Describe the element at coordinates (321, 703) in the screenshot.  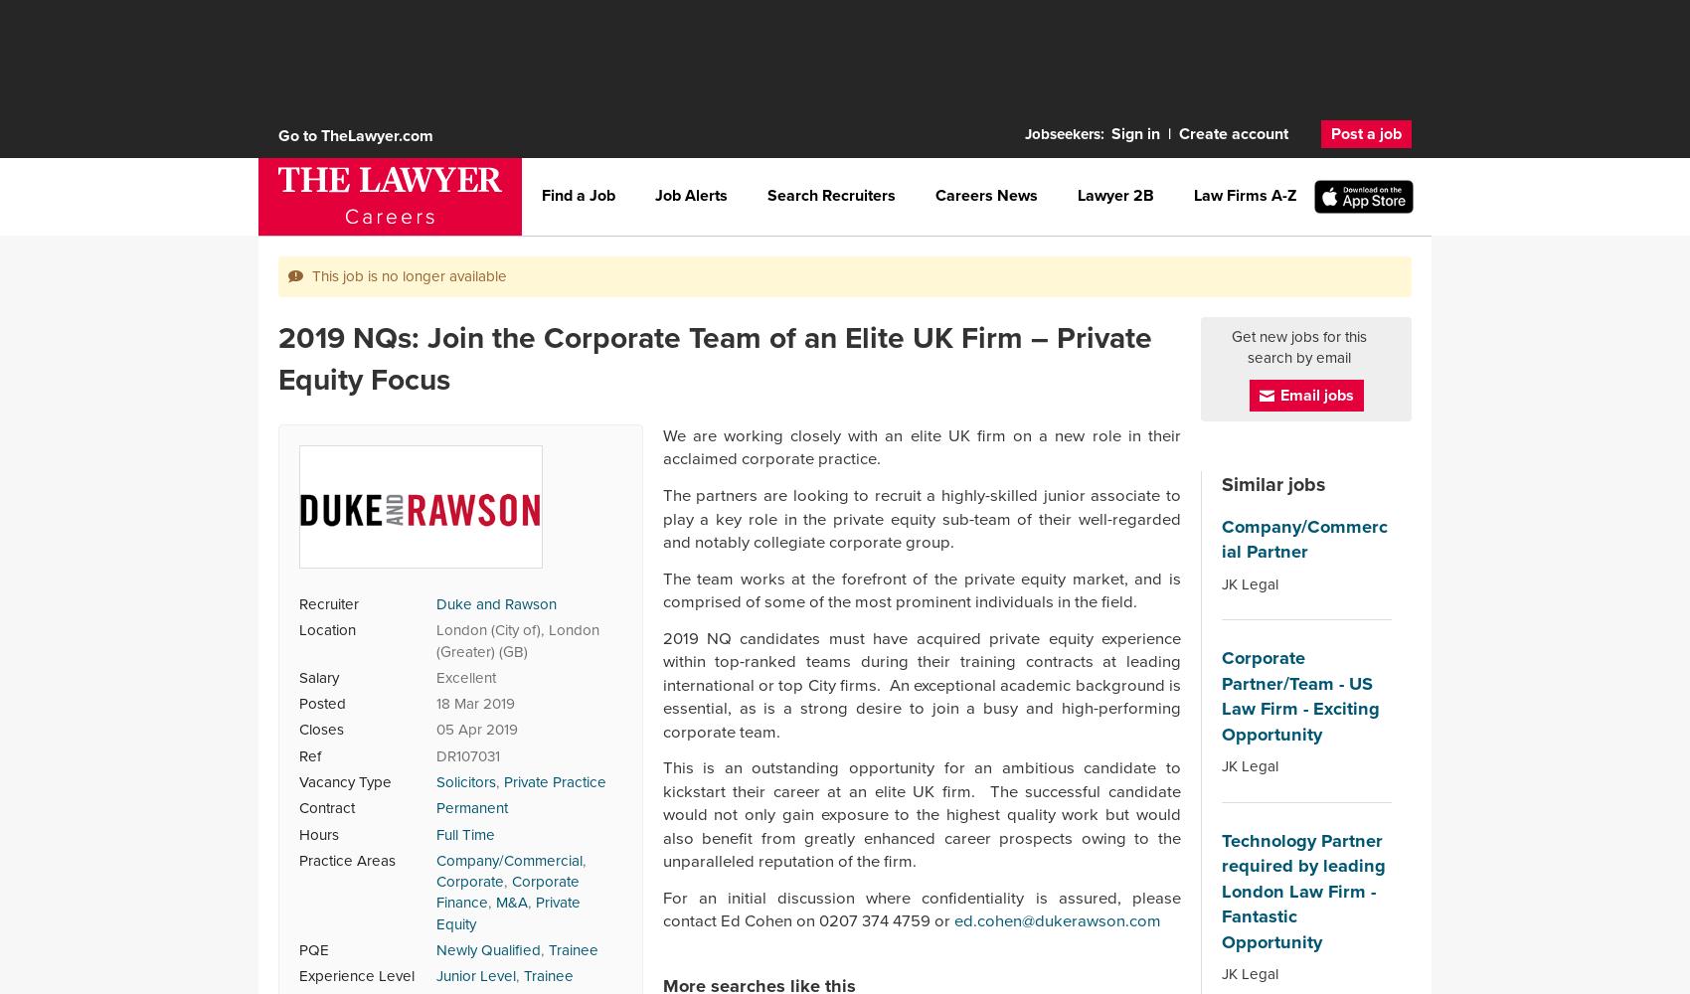
I see `'Posted'` at that location.